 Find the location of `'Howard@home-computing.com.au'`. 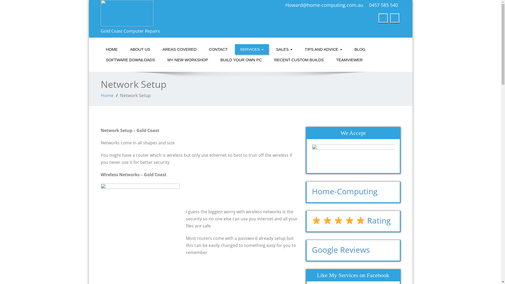

'Howard@home-computing.com.au' is located at coordinates (324, 5).